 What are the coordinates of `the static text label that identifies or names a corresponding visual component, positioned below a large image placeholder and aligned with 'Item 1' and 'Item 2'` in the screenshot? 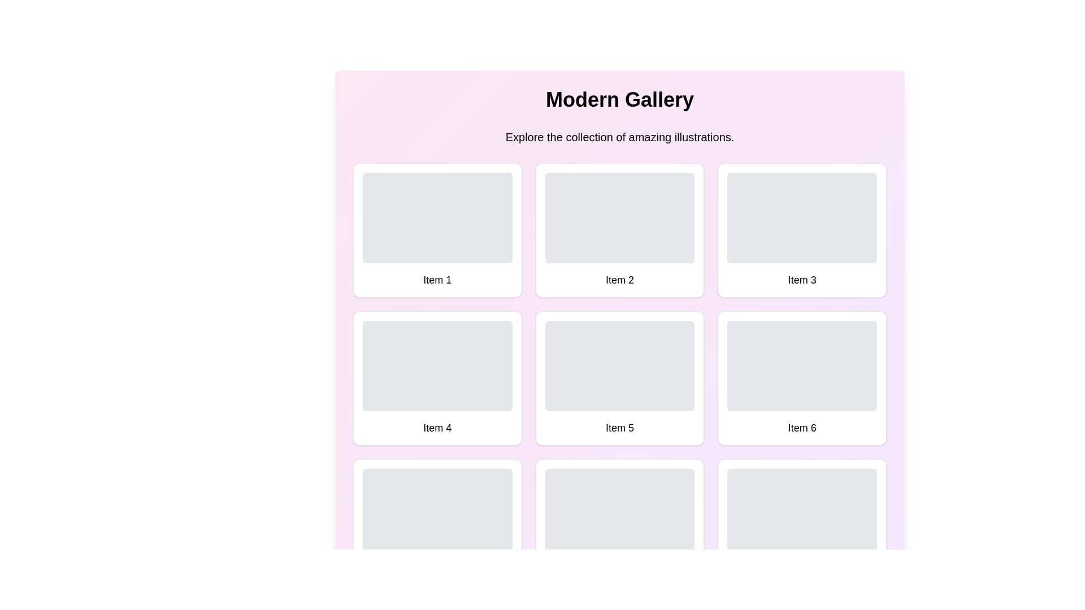 It's located at (801, 280).